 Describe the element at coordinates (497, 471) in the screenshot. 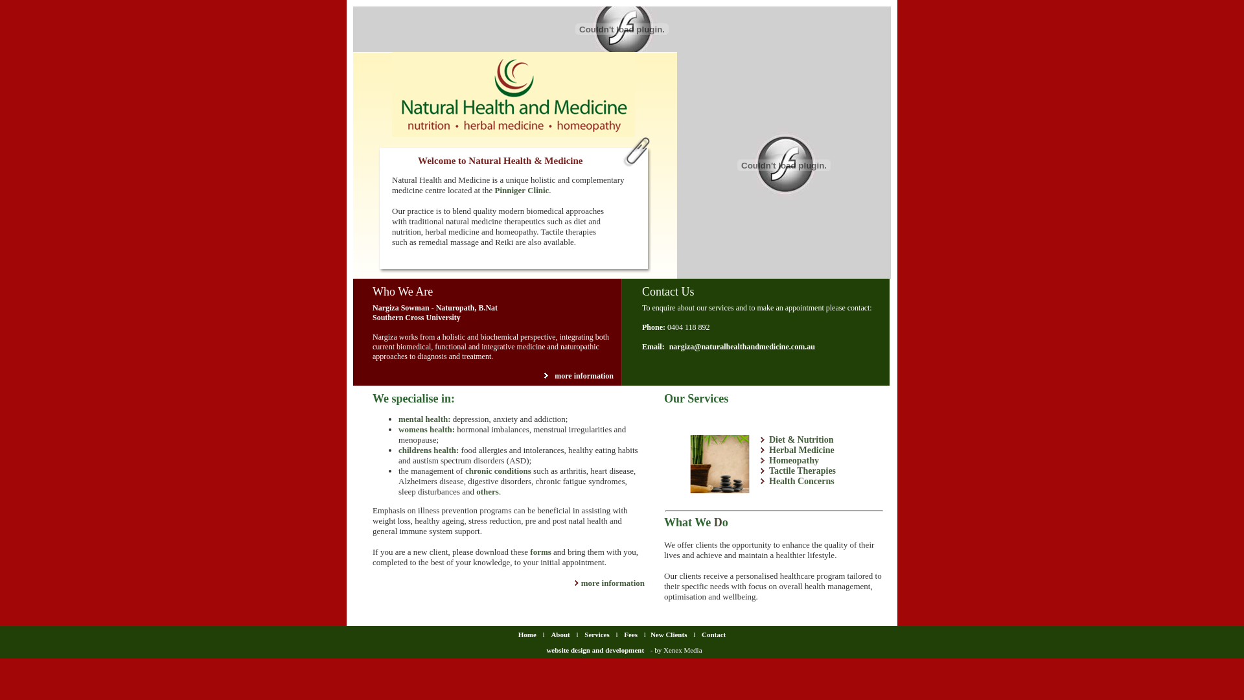

I see `'chronic conditions'` at that location.